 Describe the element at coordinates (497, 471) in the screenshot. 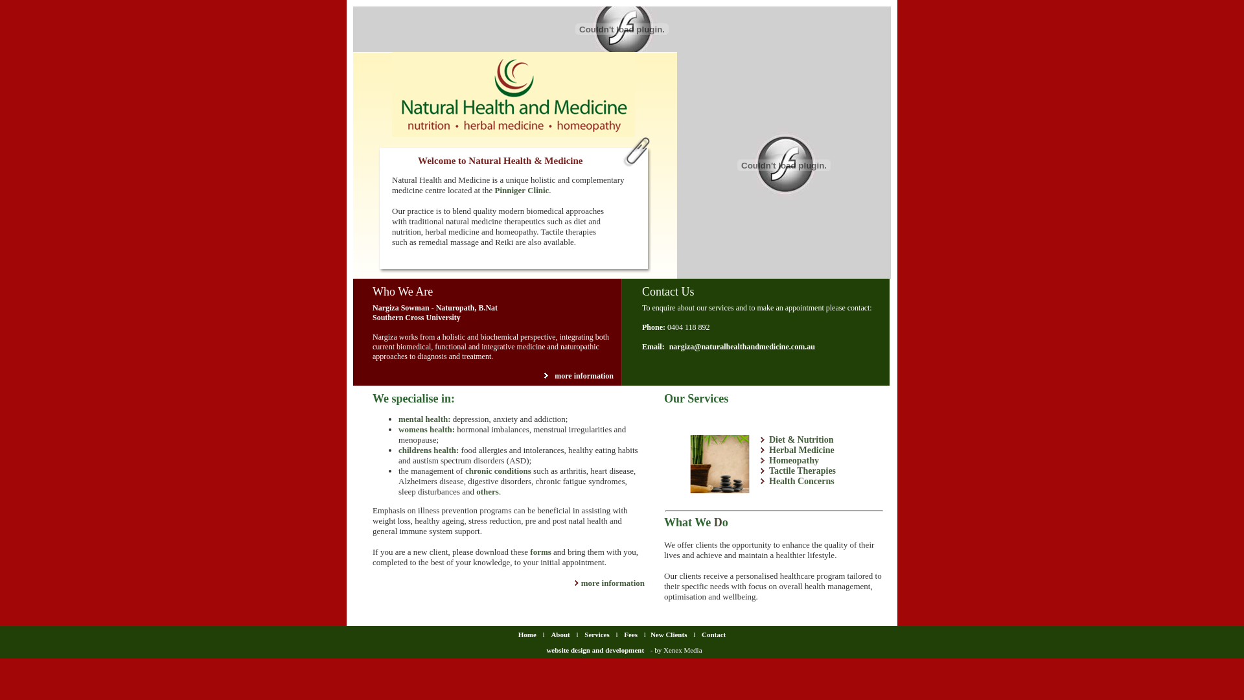

I see `'chronic conditions'` at that location.